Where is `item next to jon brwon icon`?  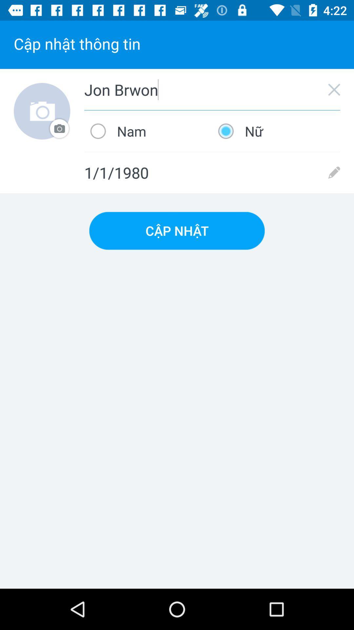
item next to jon brwon icon is located at coordinates (42, 111).